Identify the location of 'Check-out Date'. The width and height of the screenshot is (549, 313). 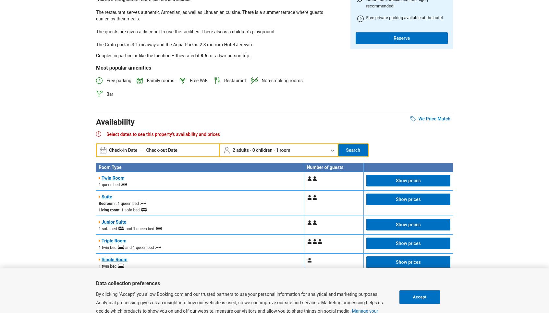
(161, 150).